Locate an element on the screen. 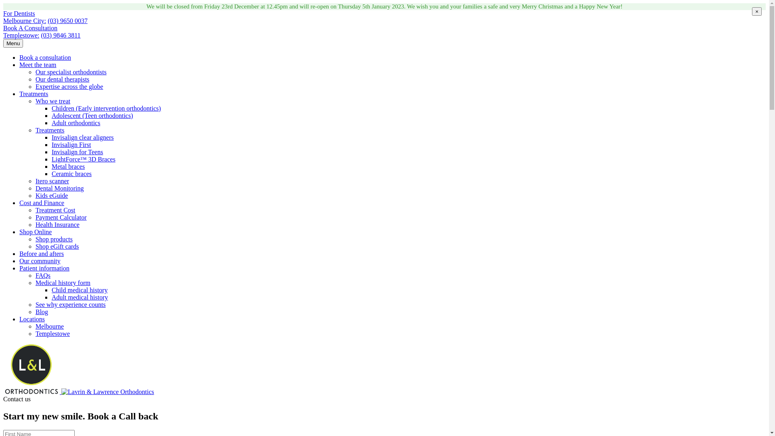  'Treatment Cost' is located at coordinates (55, 210).